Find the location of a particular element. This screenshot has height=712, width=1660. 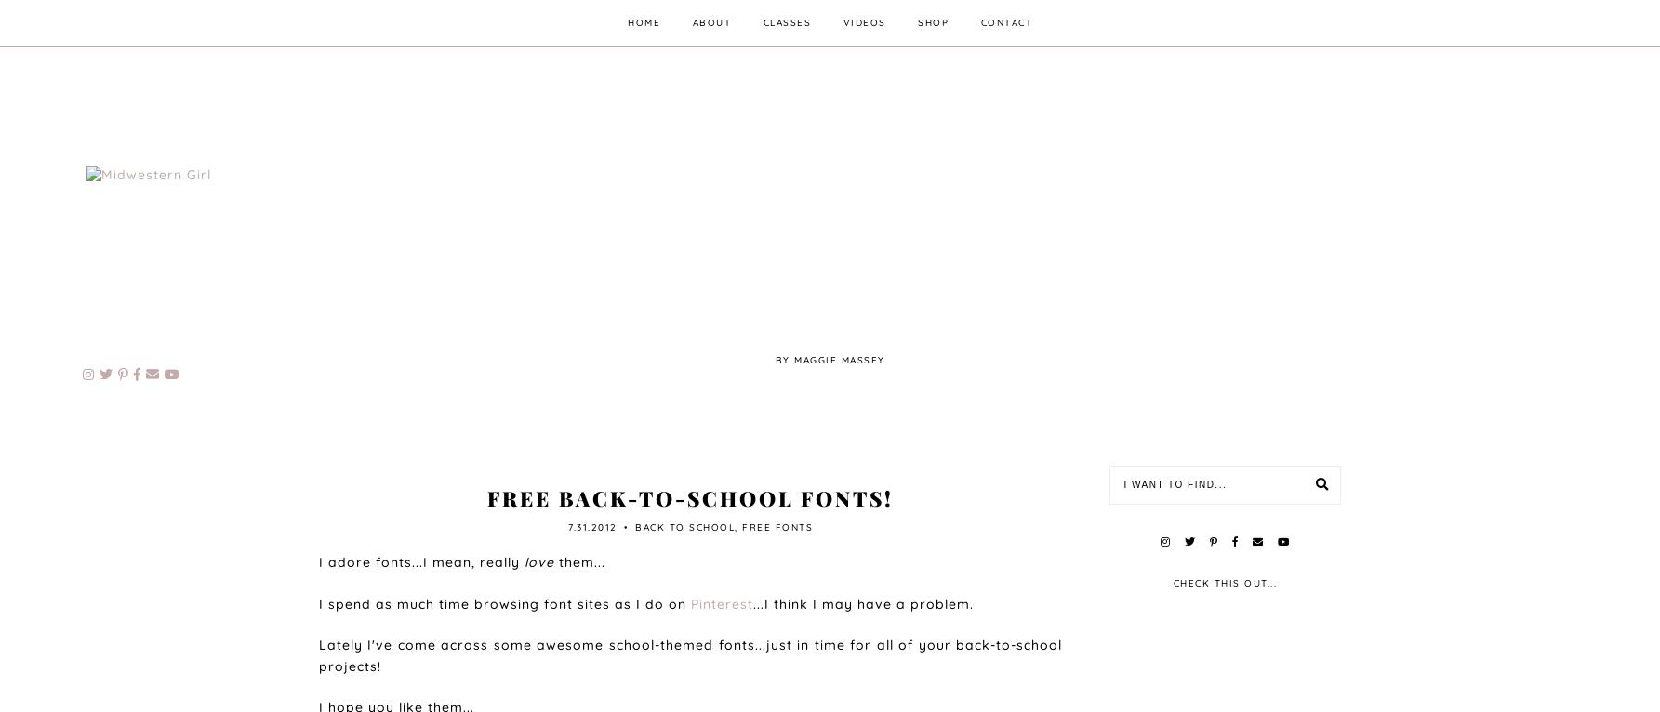

'I adore fonts...I mean, really' is located at coordinates (419, 560).